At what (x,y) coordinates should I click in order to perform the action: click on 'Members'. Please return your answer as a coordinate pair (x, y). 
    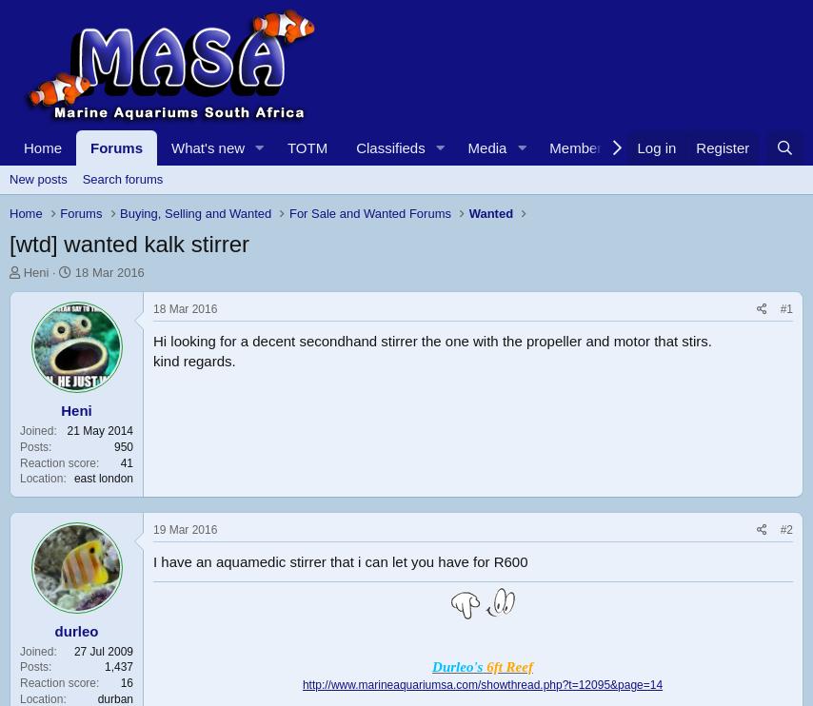
    Looking at the image, I should click on (578, 147).